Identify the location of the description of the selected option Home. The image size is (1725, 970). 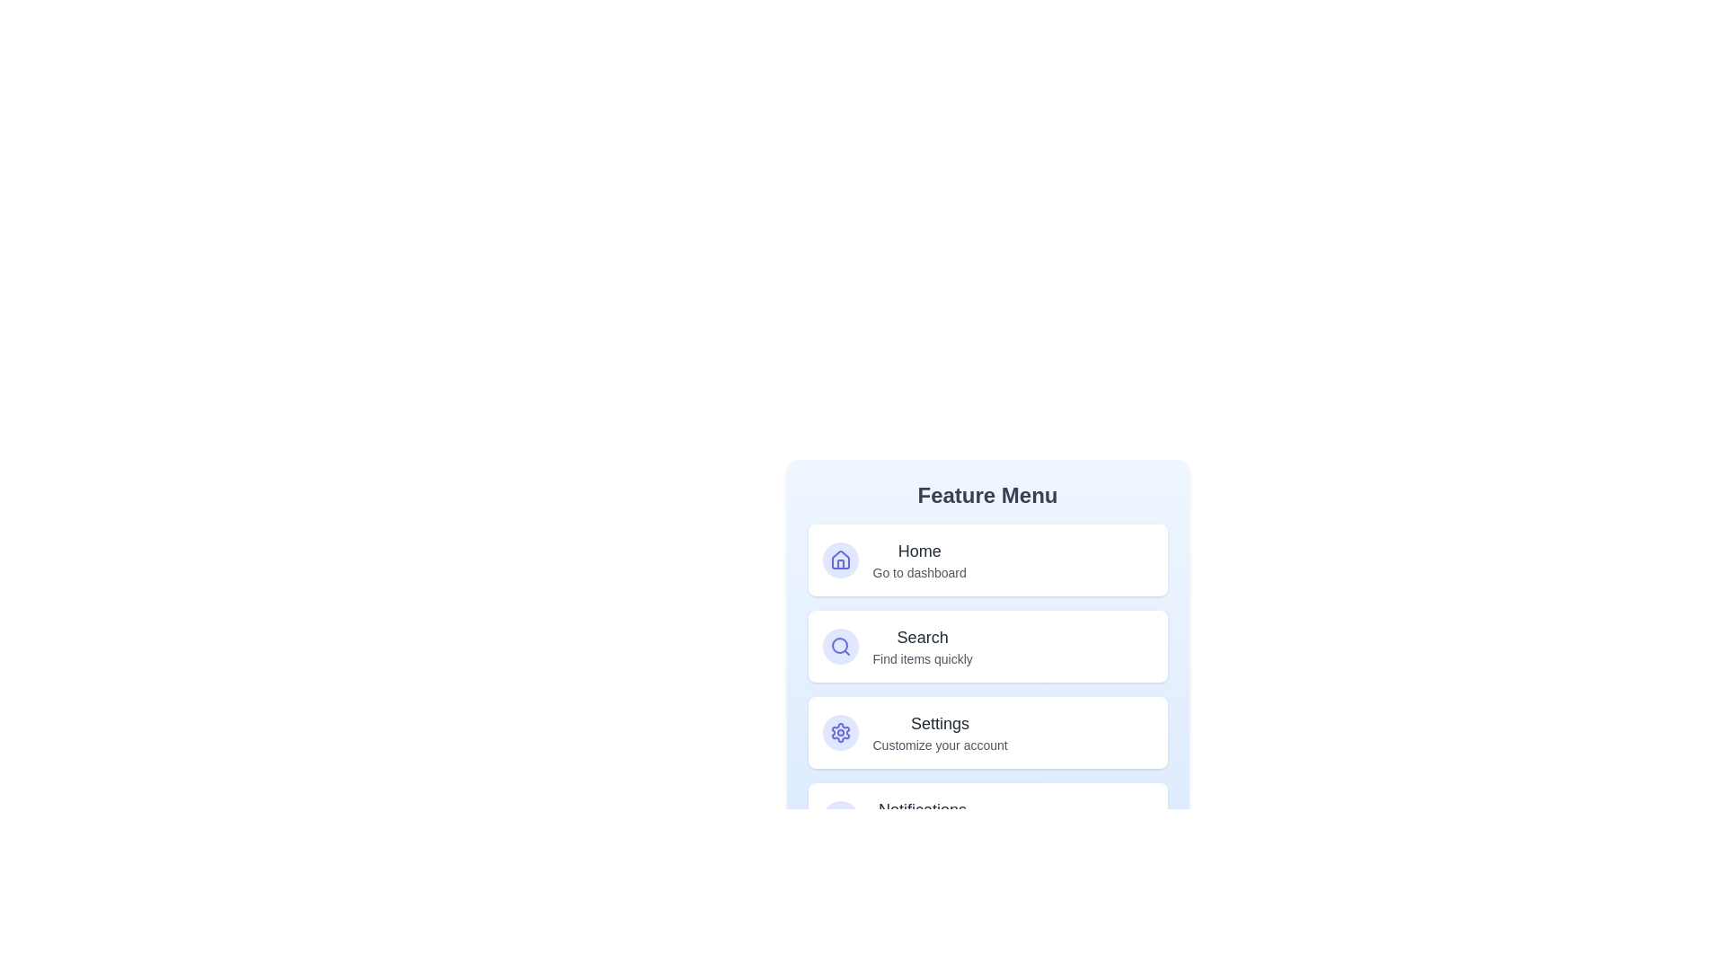
(918, 560).